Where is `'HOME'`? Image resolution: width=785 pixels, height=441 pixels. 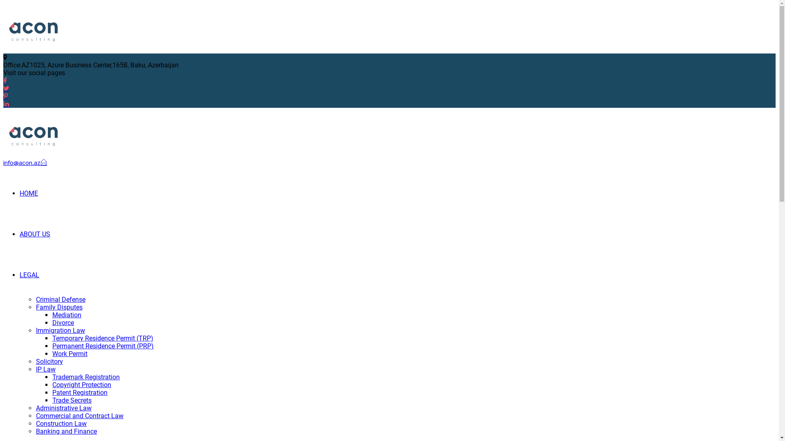
'HOME' is located at coordinates (20, 193).